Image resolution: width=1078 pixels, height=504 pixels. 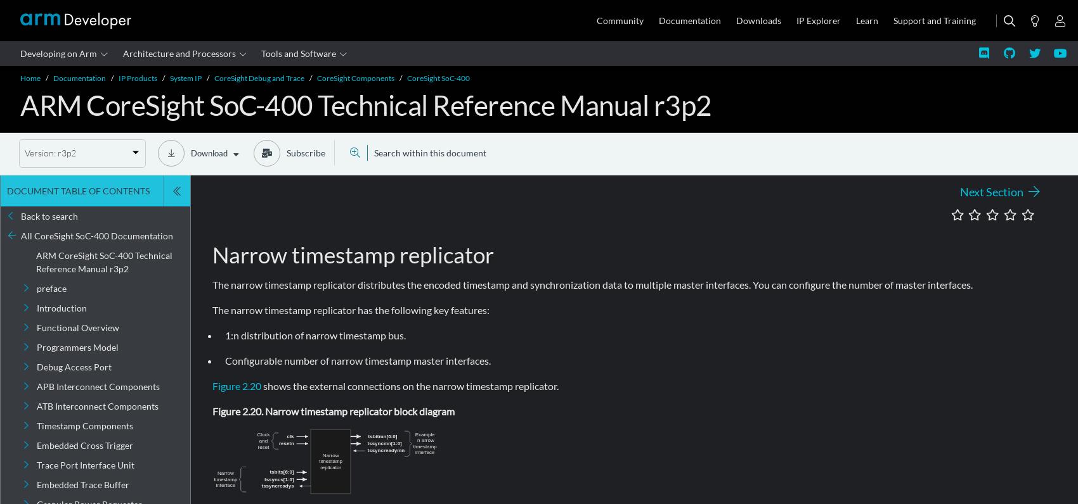 What do you see at coordinates (36, 464) in the screenshot?
I see `'Trace Port Interface Unit'` at bounding box center [36, 464].